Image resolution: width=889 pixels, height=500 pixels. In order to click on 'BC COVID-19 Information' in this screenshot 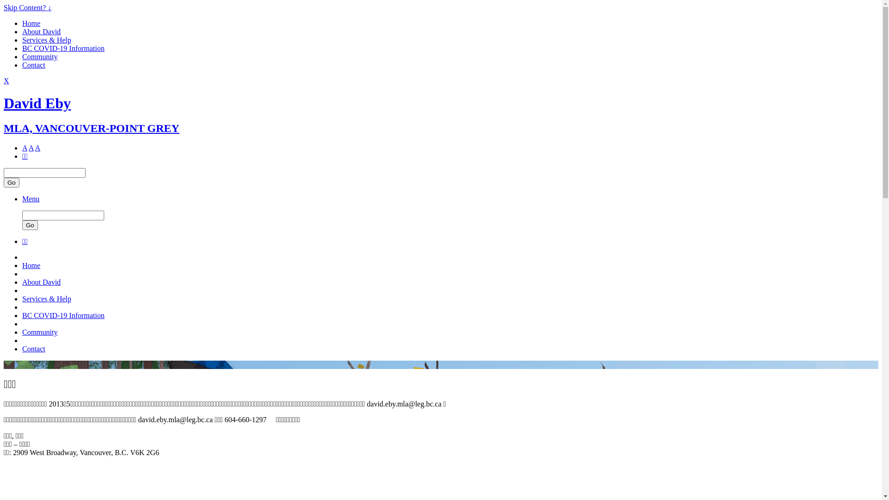, I will do `click(63, 48)`.